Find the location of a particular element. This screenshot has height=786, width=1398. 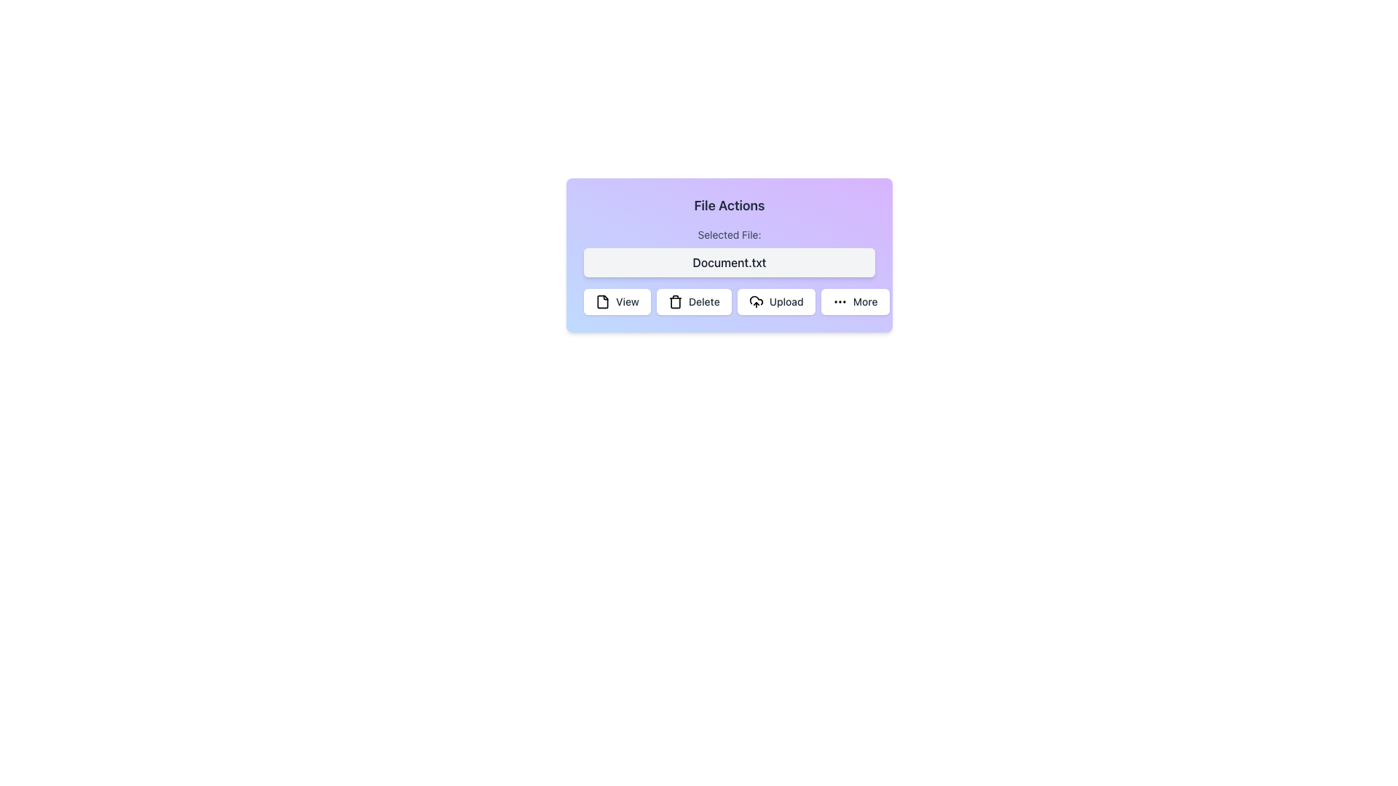

the first button in the horizontal group of four buttons, located below the text input field is located at coordinates (617, 301).